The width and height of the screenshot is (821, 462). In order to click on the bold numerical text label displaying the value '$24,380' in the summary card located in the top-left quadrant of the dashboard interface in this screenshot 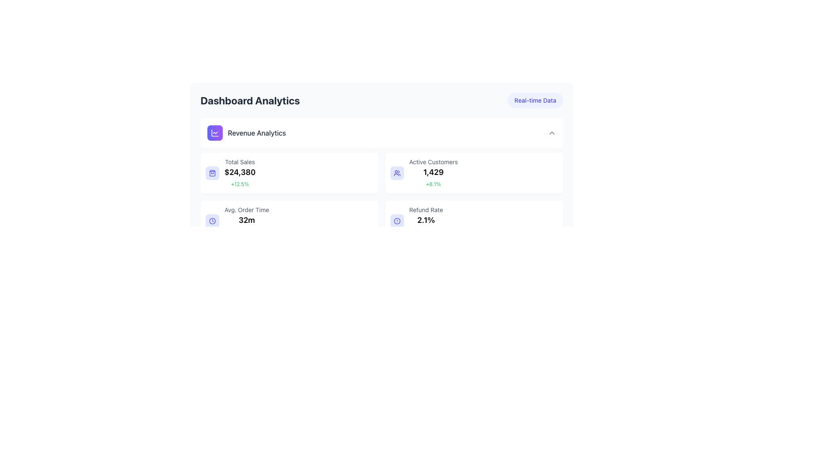, I will do `click(239, 172)`.